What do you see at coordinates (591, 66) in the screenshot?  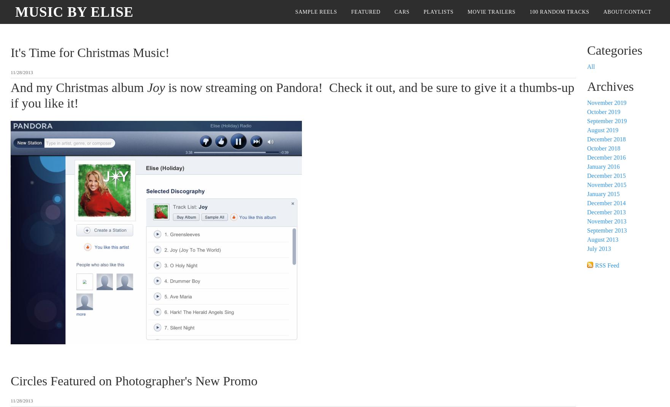 I see `'All'` at bounding box center [591, 66].